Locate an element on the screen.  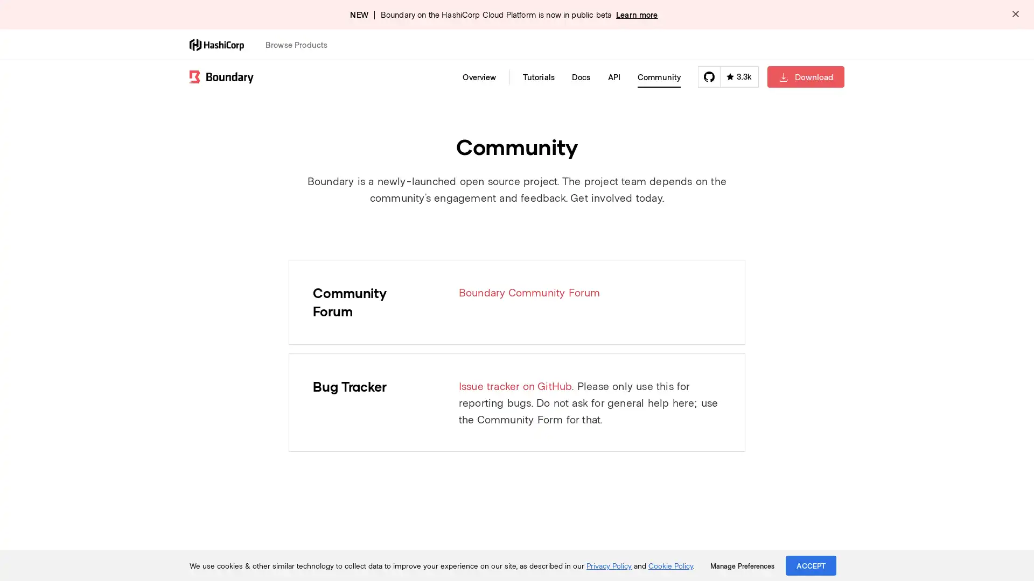
Dismiss alert is located at coordinates (1015, 15).